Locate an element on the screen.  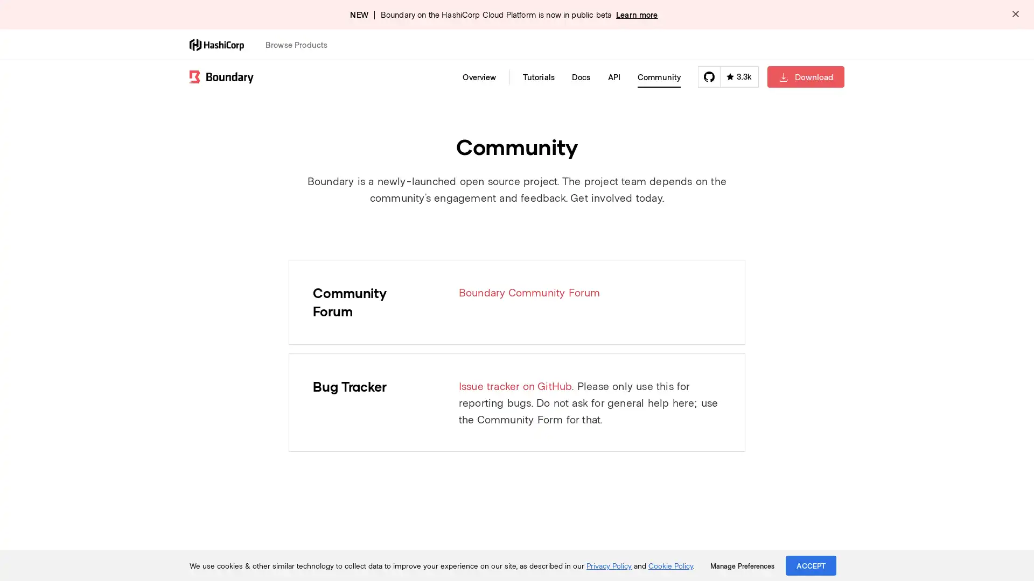
Dismiss alert is located at coordinates (1015, 15).